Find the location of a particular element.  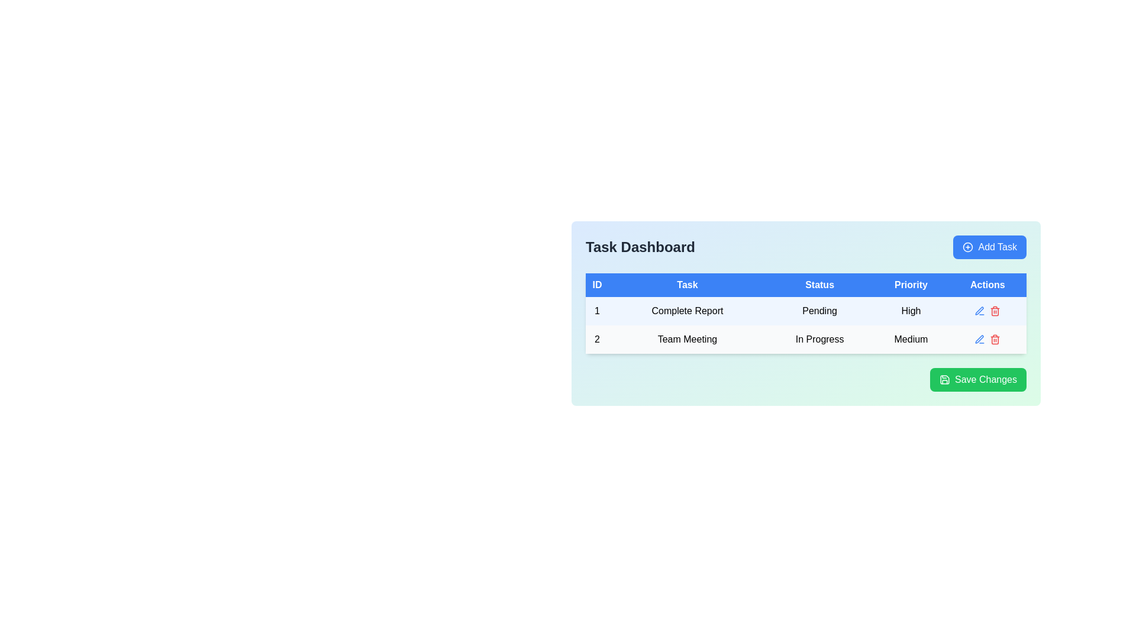

the 'Add Task' button located at the top-right corner of the task dashboard interface by clicking on the SVG Circle graphic element is located at coordinates (968, 246).